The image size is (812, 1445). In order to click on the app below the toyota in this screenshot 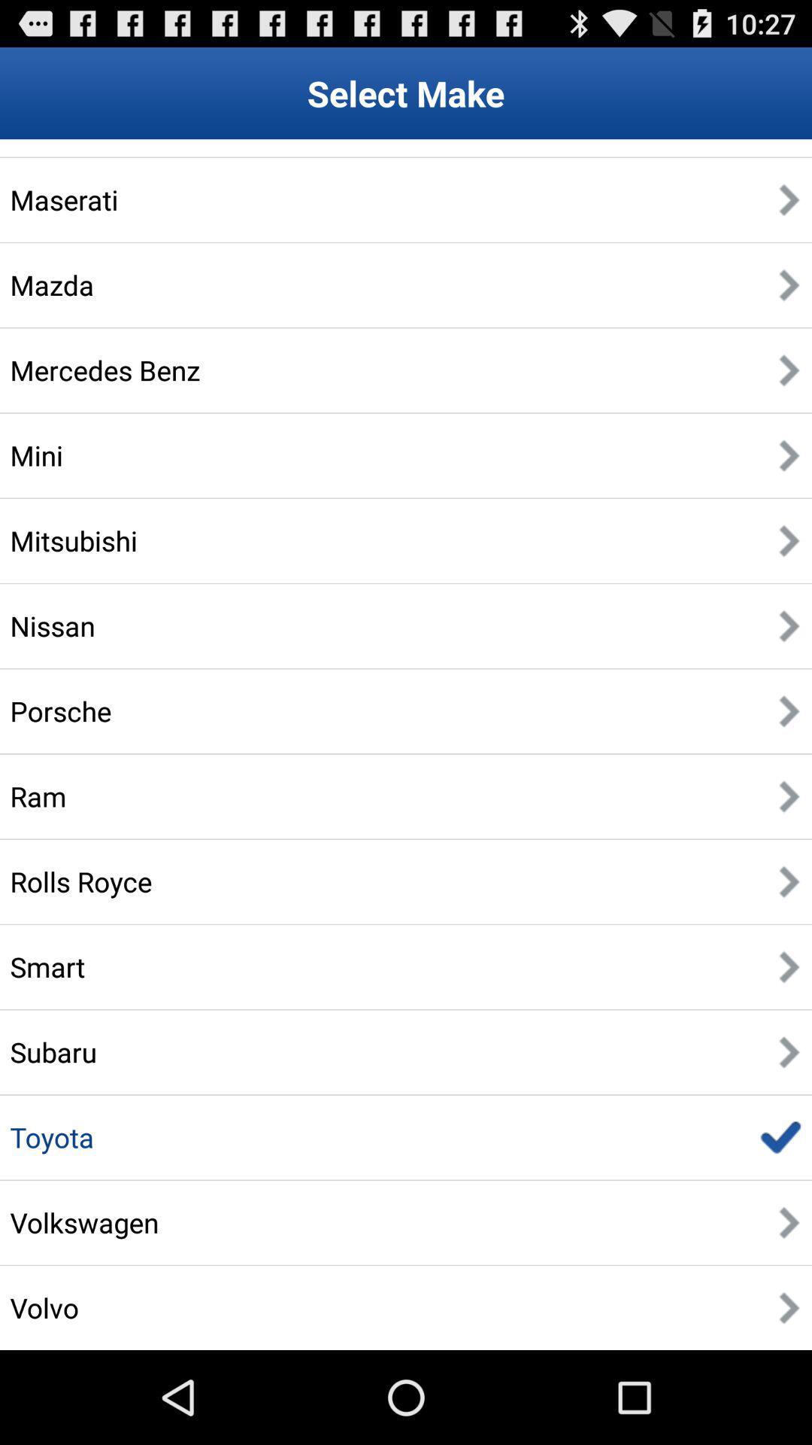, I will do `click(84, 1222)`.